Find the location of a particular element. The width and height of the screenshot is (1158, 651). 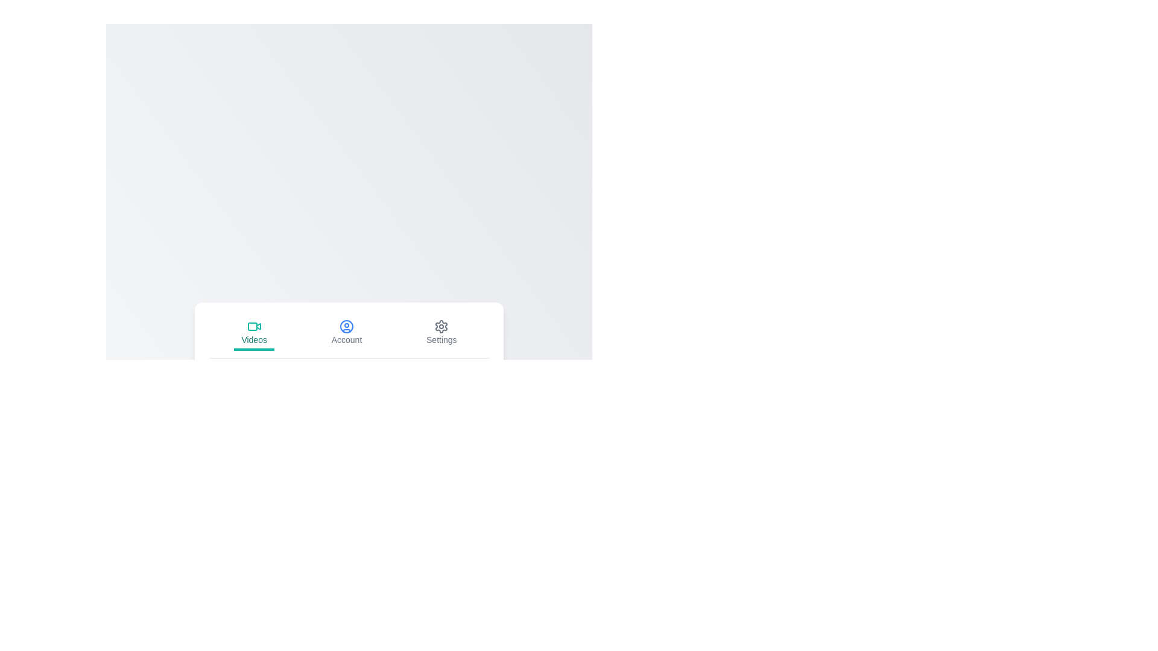

the Account tab by clicking on its button is located at coordinates (346, 333).